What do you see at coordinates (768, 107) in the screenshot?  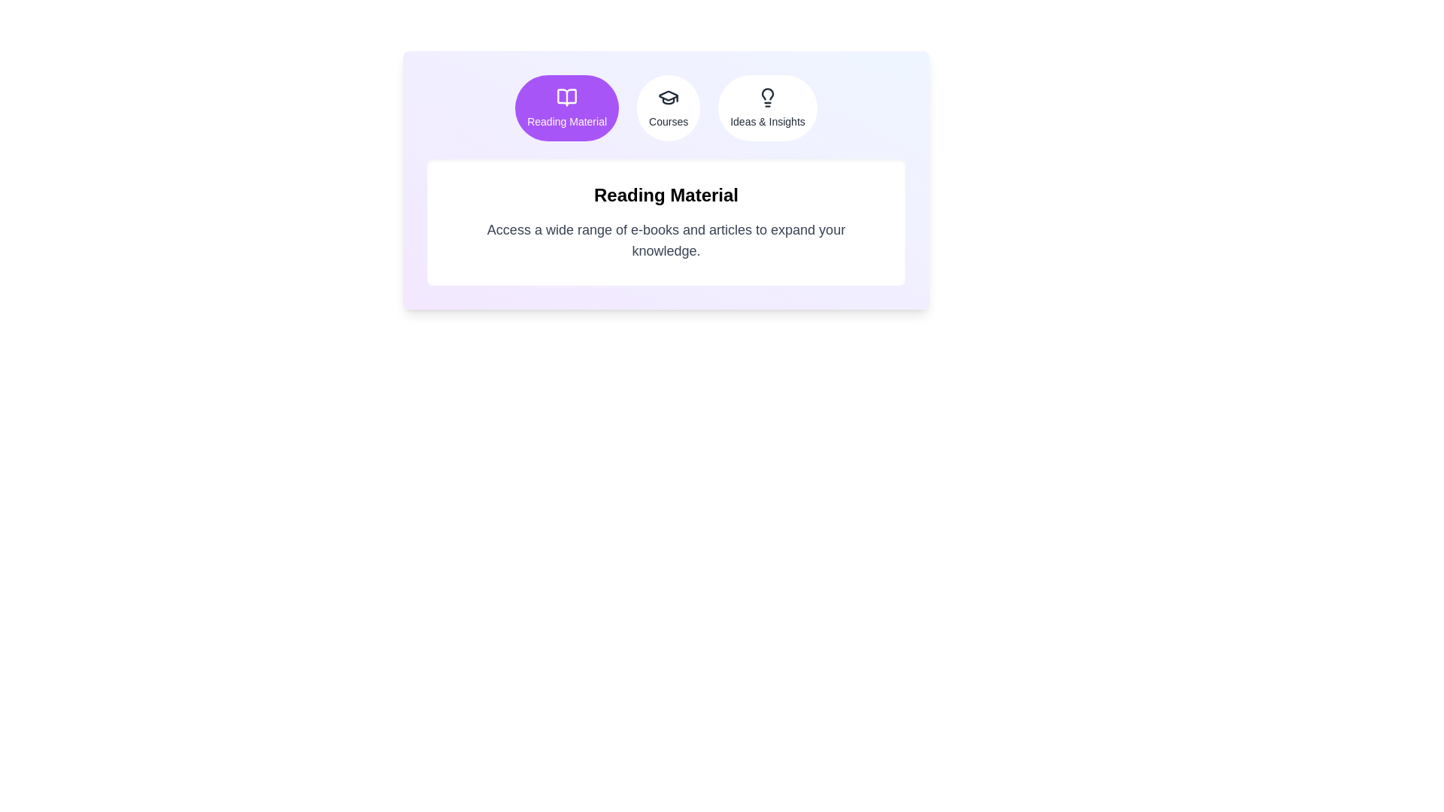 I see `the Ideas & Insights tab to view its content` at bounding box center [768, 107].